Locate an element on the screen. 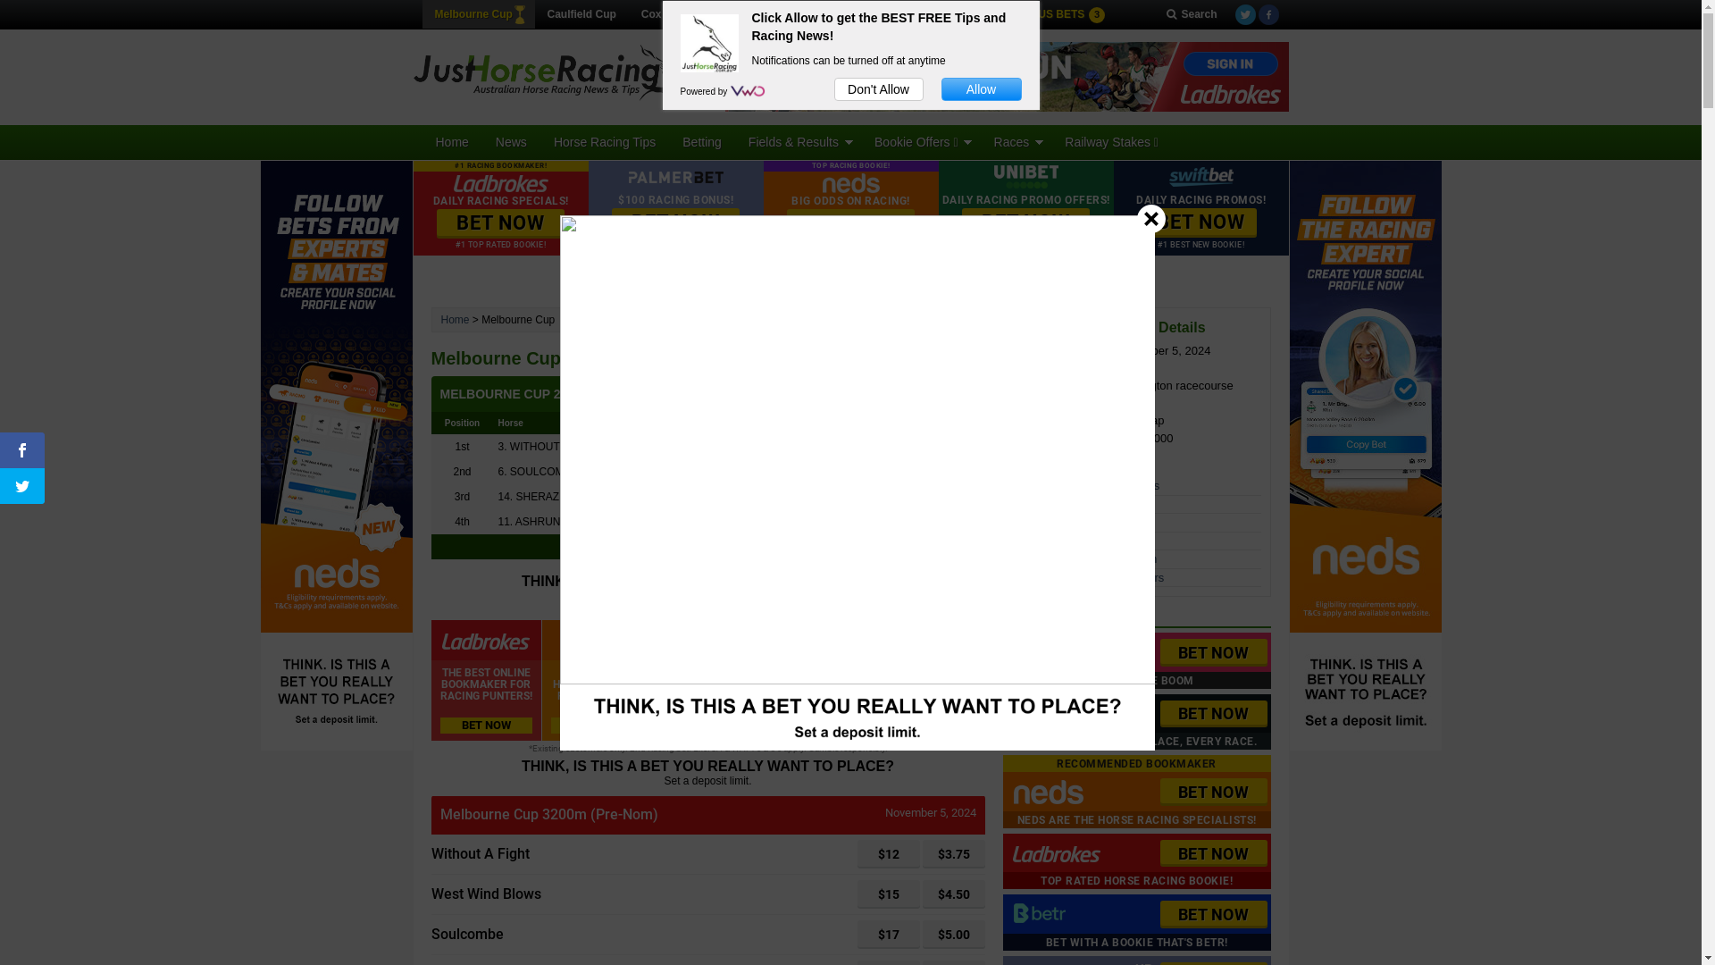 This screenshot has width=1715, height=965. 'BET NOW is located at coordinates (1135, 860).